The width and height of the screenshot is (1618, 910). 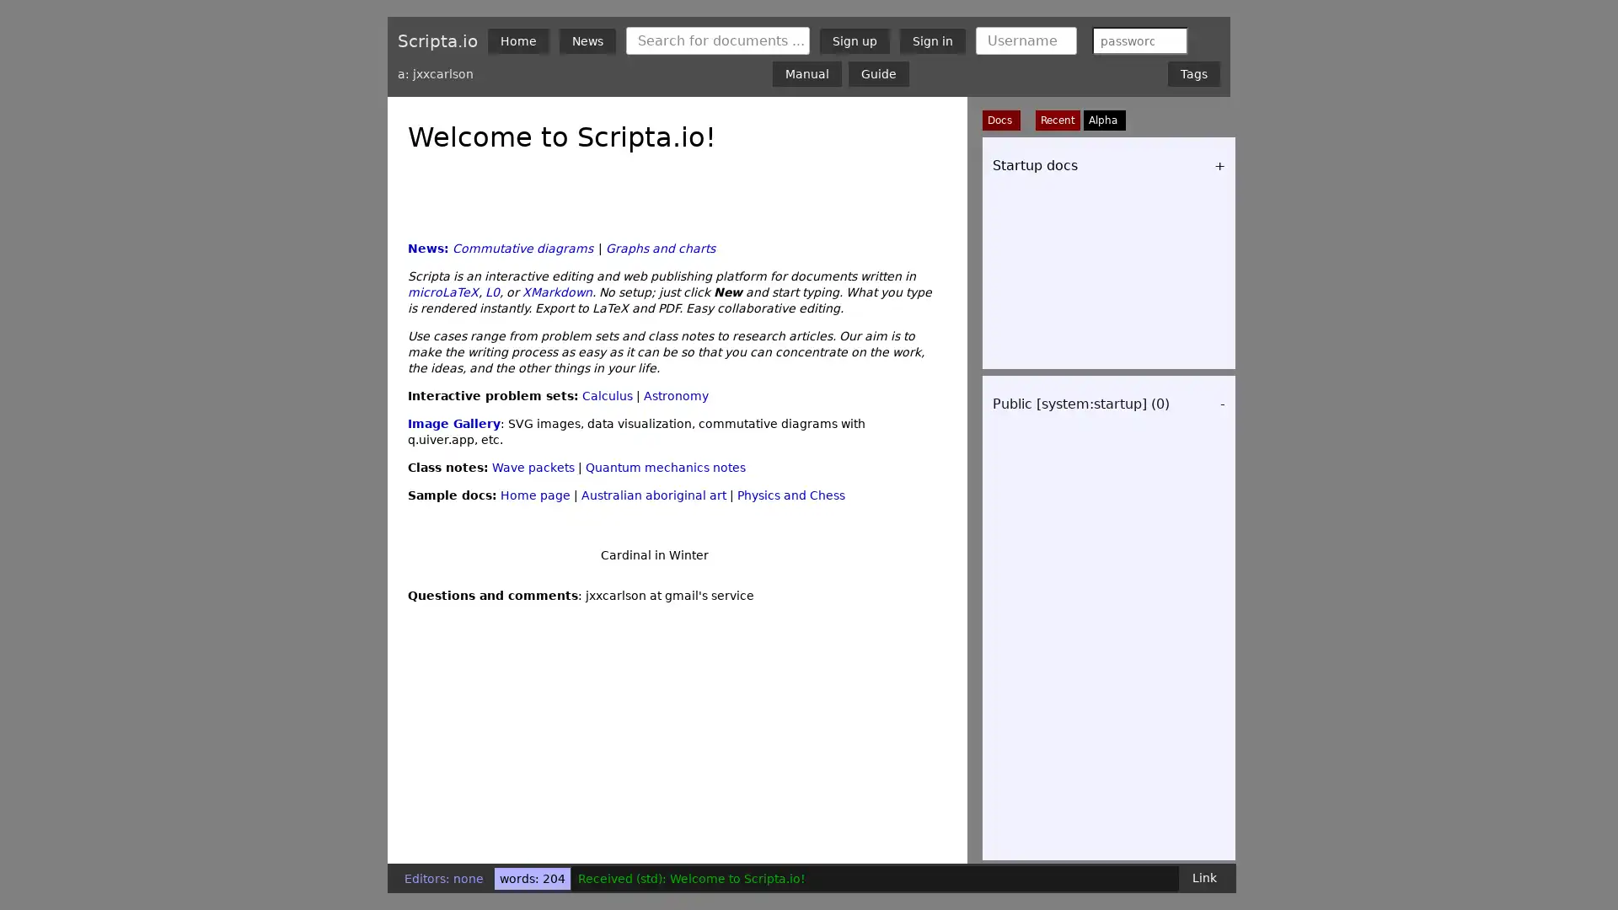 What do you see at coordinates (790, 626) in the screenshot?
I see `Physics and Chess` at bounding box center [790, 626].